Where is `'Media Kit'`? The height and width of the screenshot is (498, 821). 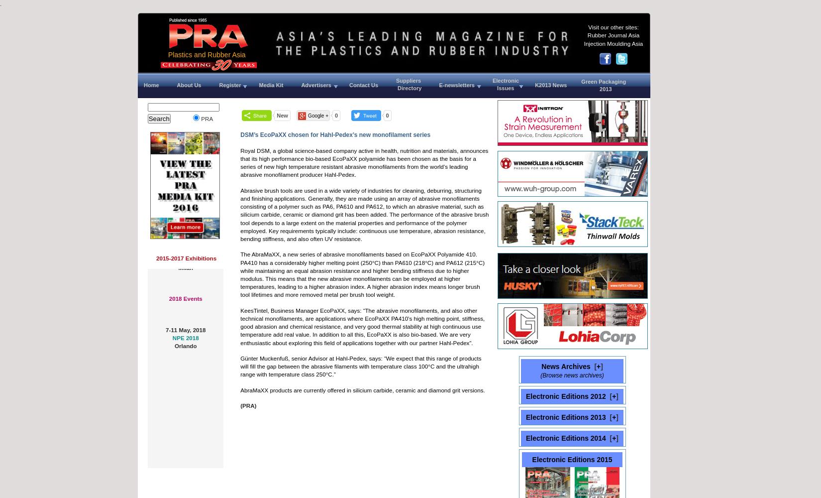
'Media Kit' is located at coordinates (270, 85).